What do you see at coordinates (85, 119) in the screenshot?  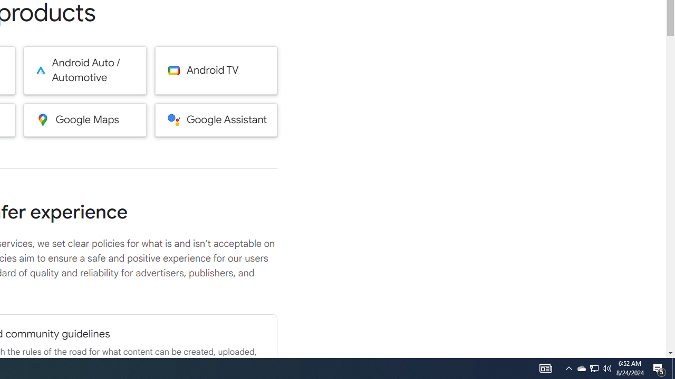 I see `'Google Maps'` at bounding box center [85, 119].